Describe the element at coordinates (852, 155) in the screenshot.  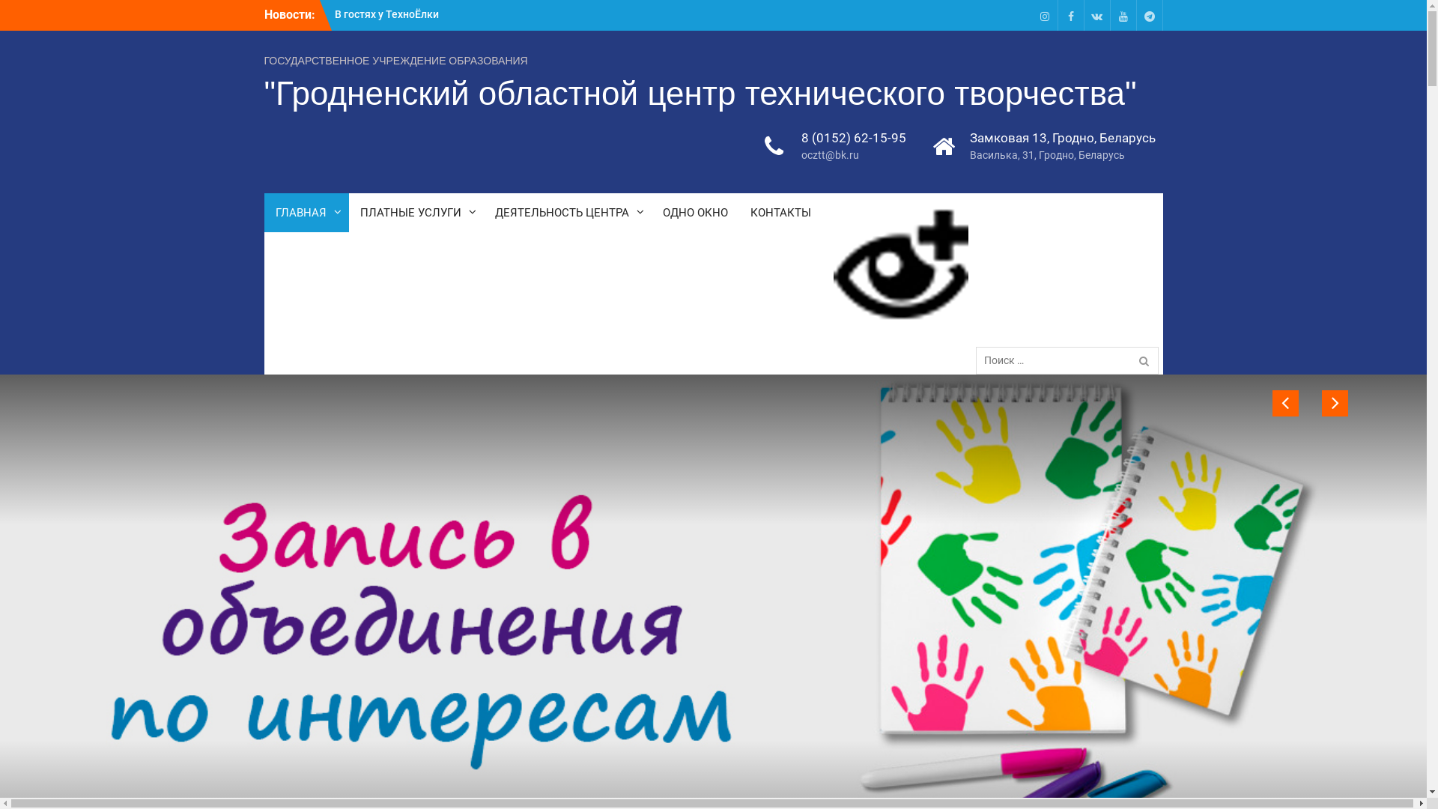
I see `'ocztt@bk.ru'` at that location.